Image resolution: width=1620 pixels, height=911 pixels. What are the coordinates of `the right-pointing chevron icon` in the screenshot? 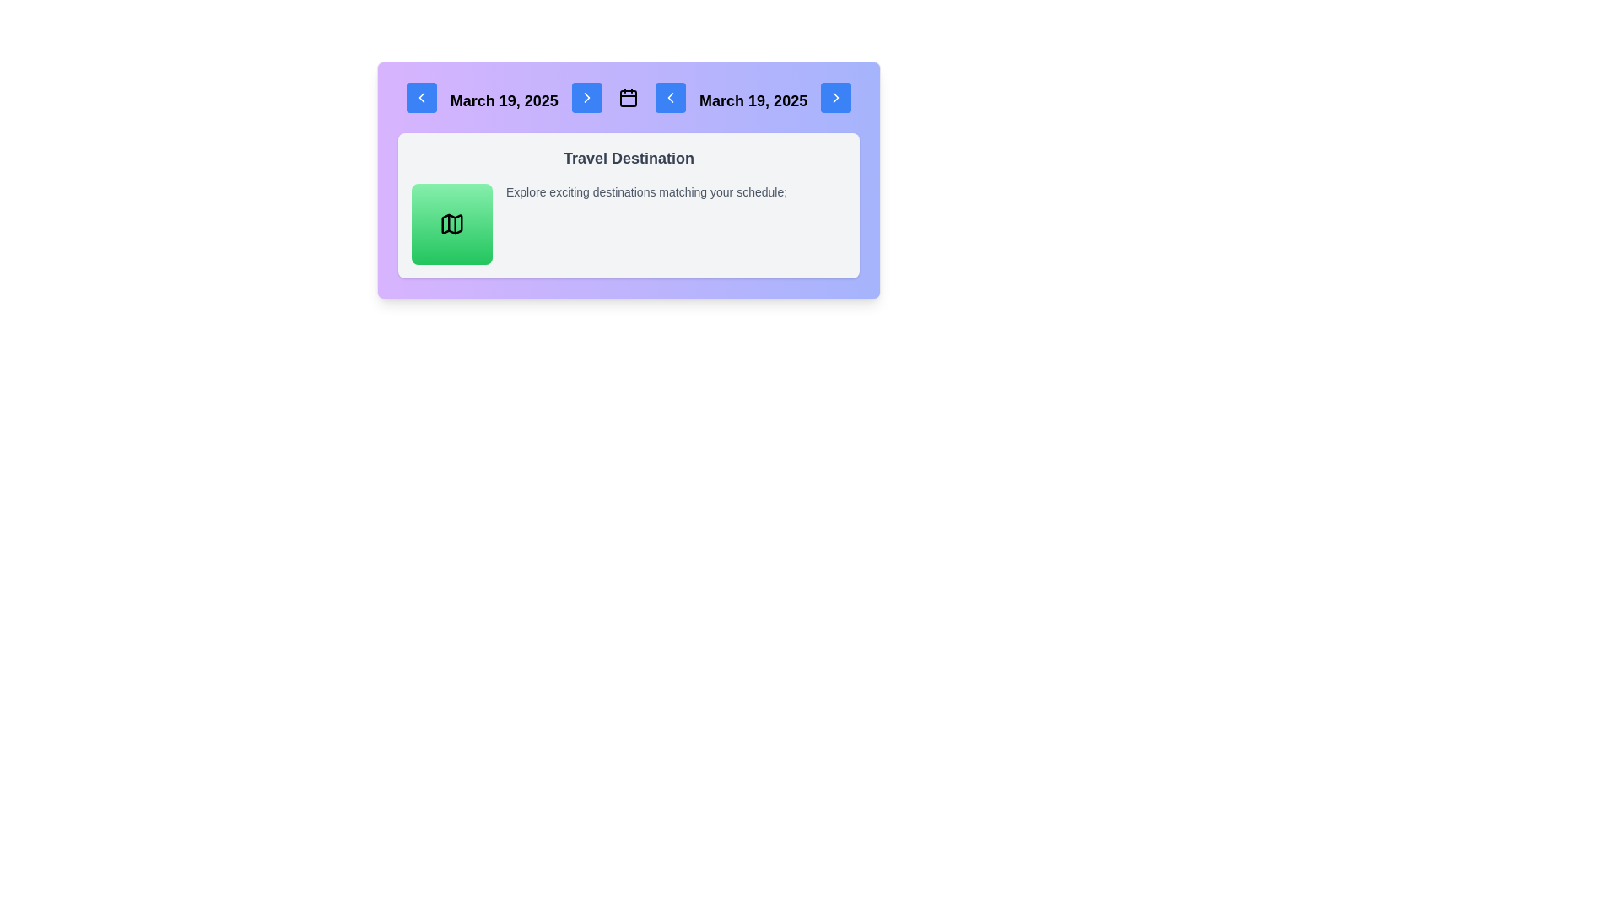 It's located at (836, 97).